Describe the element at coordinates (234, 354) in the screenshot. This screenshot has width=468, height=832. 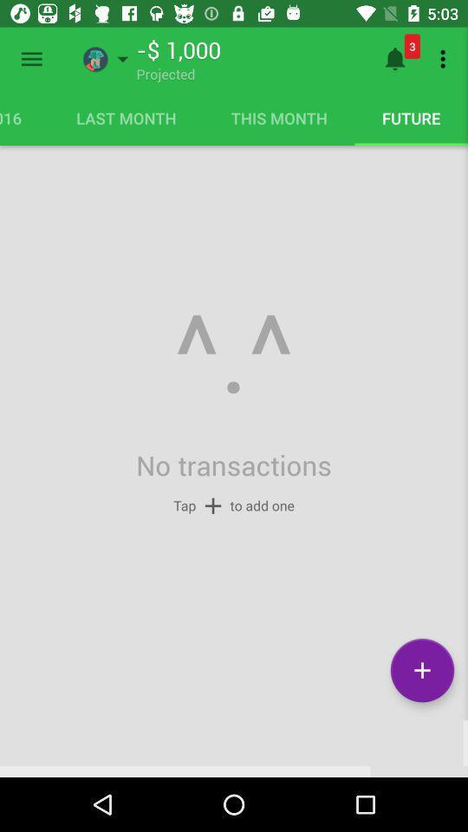
I see `^.^ icon` at that location.